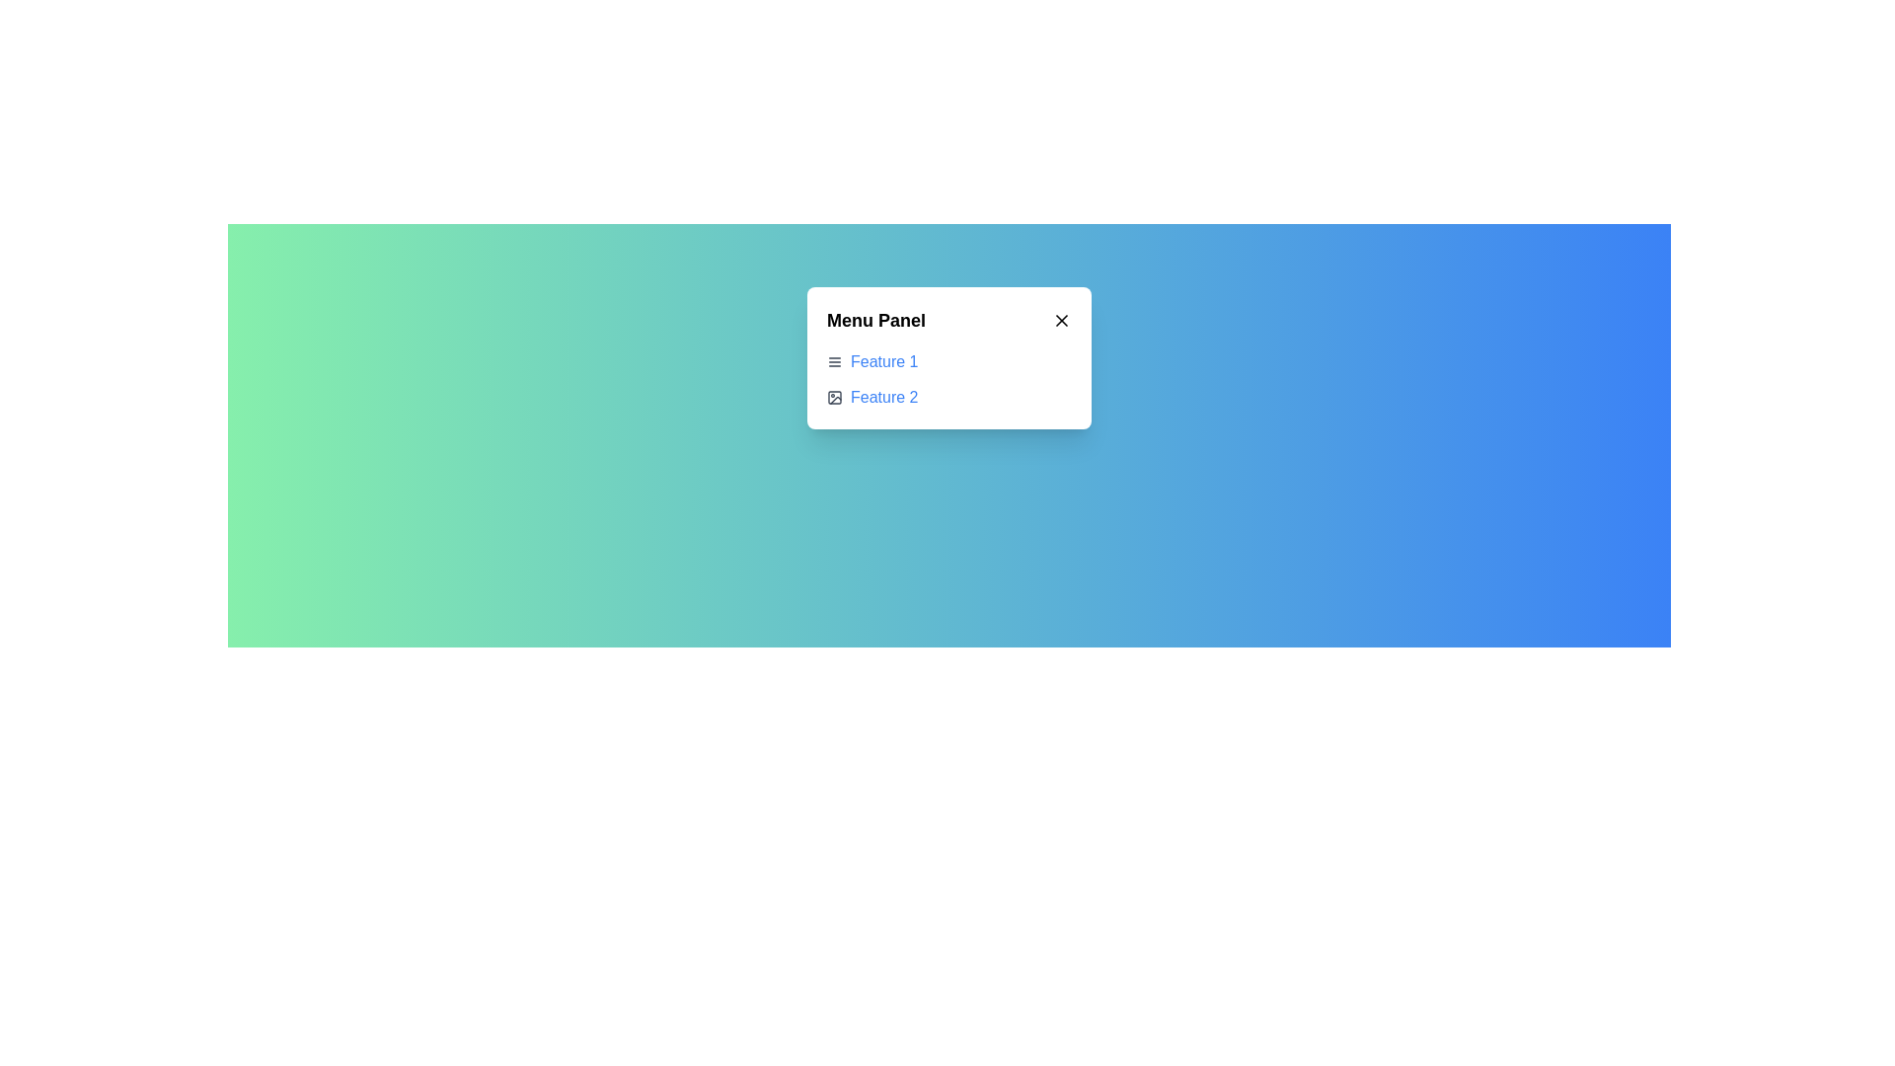 The image size is (1895, 1066). What do you see at coordinates (1060, 319) in the screenshot?
I see `the small cross-shaped close icon located at the top right corner of the 'Menu Panel'` at bounding box center [1060, 319].